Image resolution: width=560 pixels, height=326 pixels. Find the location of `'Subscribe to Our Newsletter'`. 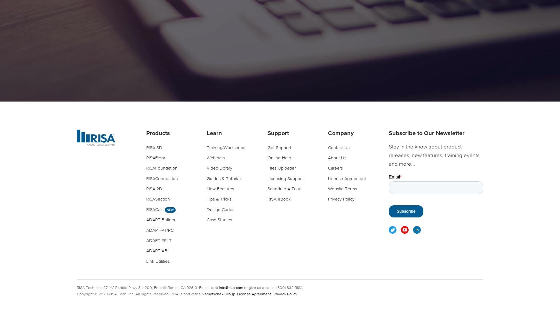

'Subscribe to Our Newsletter' is located at coordinates (388, 133).